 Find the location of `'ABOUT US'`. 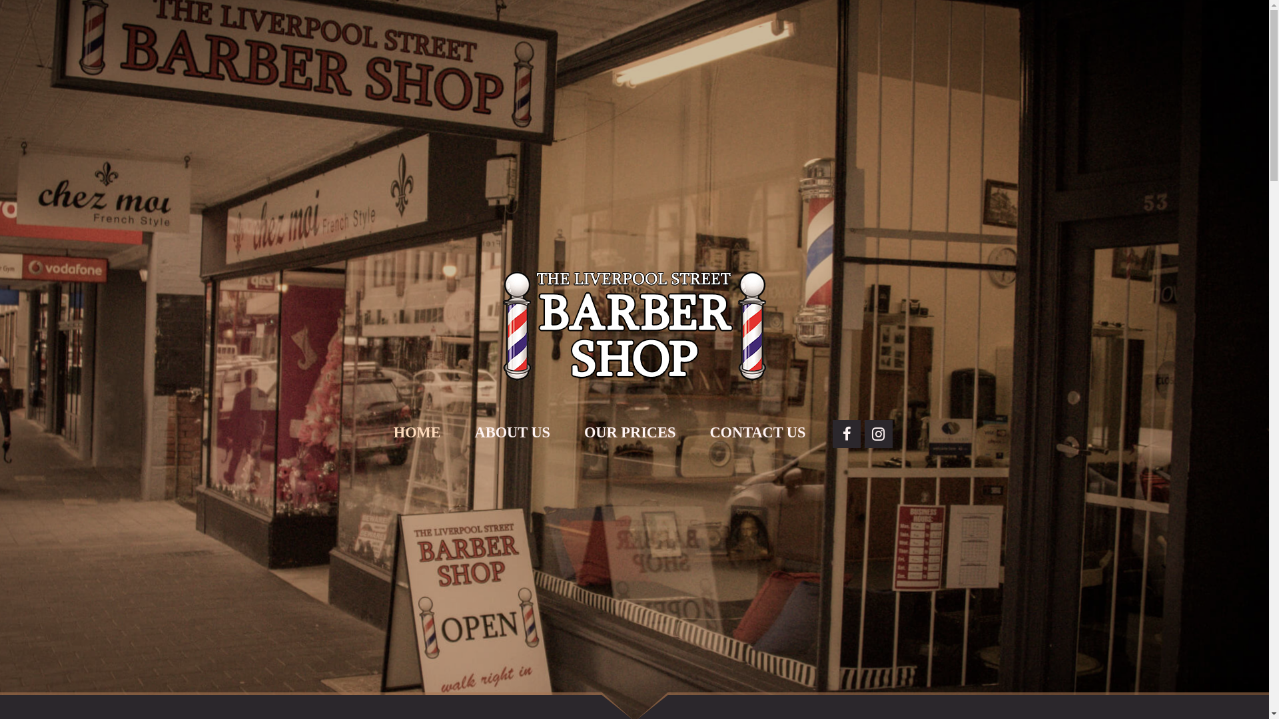

'ABOUT US' is located at coordinates (512, 433).